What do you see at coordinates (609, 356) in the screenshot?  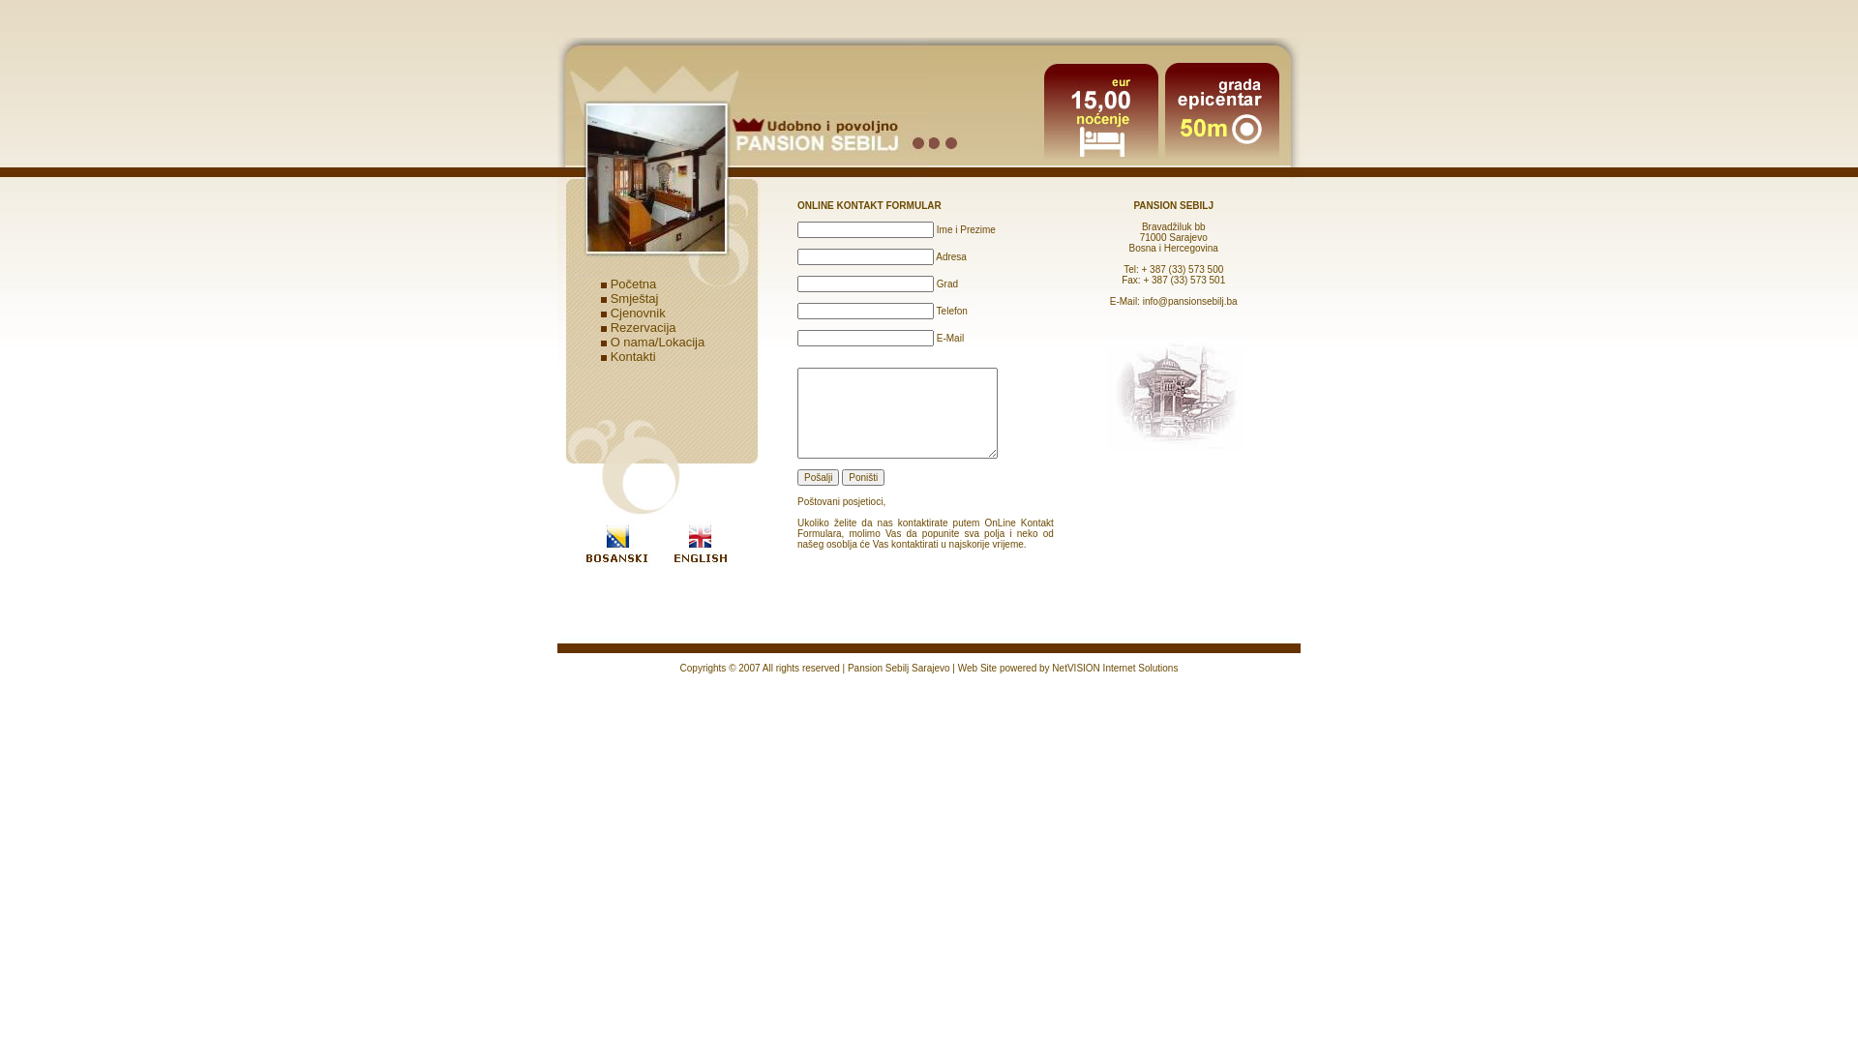 I see `'Kontakti'` at bounding box center [609, 356].